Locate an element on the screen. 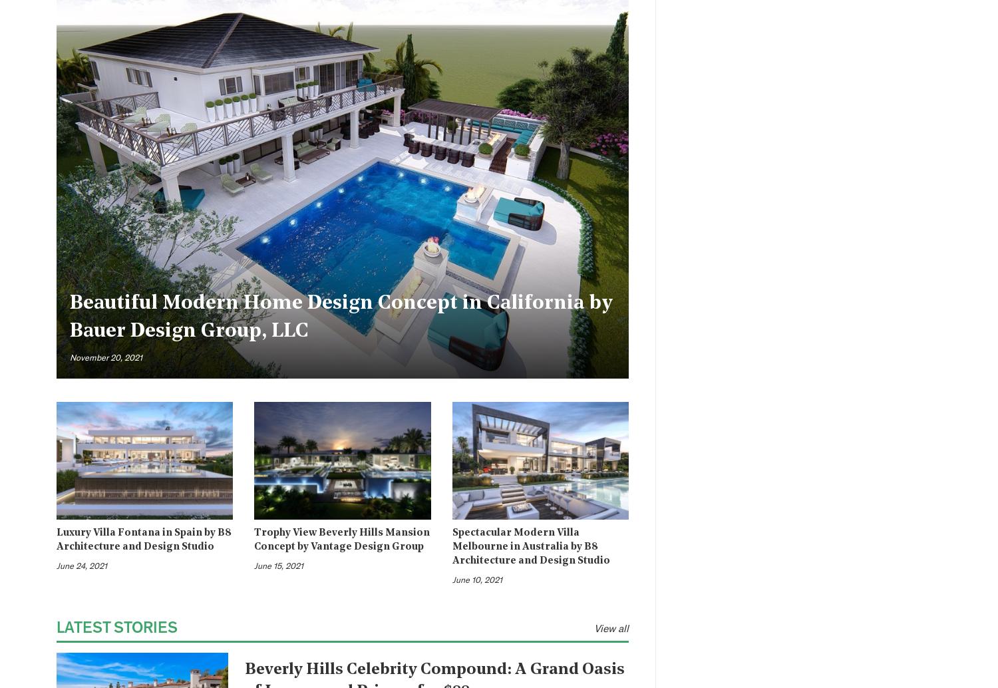  'Spectacular Modern Villa Melbourne in Australia by B8 Architecture and Design Studio' is located at coordinates (530, 546).